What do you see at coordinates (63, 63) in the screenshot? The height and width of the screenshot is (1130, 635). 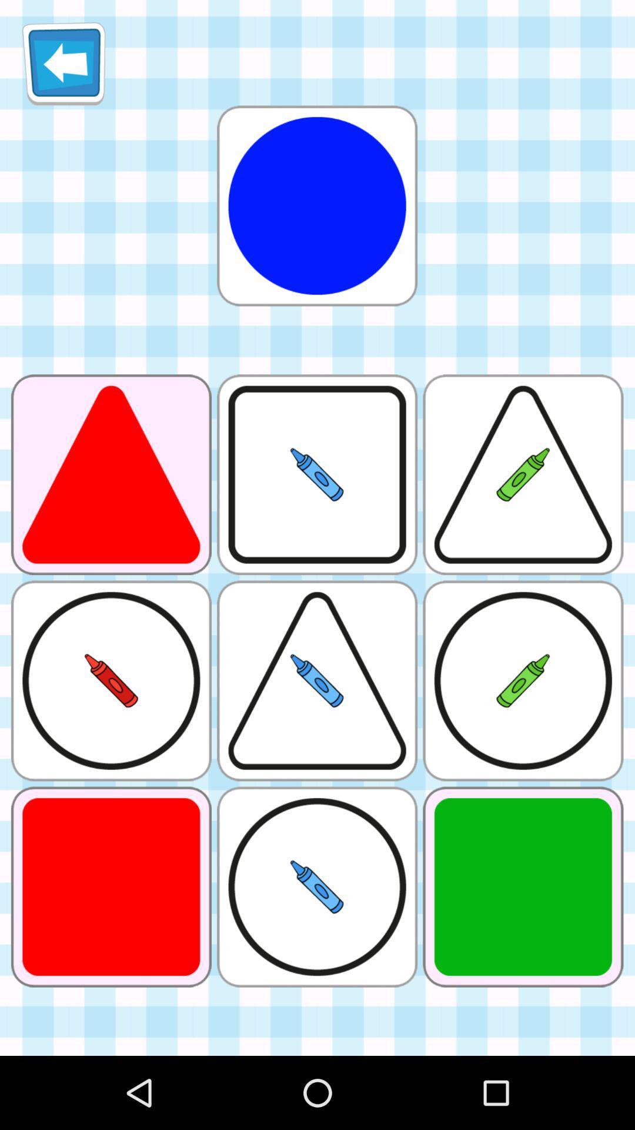 I see `go back` at bounding box center [63, 63].